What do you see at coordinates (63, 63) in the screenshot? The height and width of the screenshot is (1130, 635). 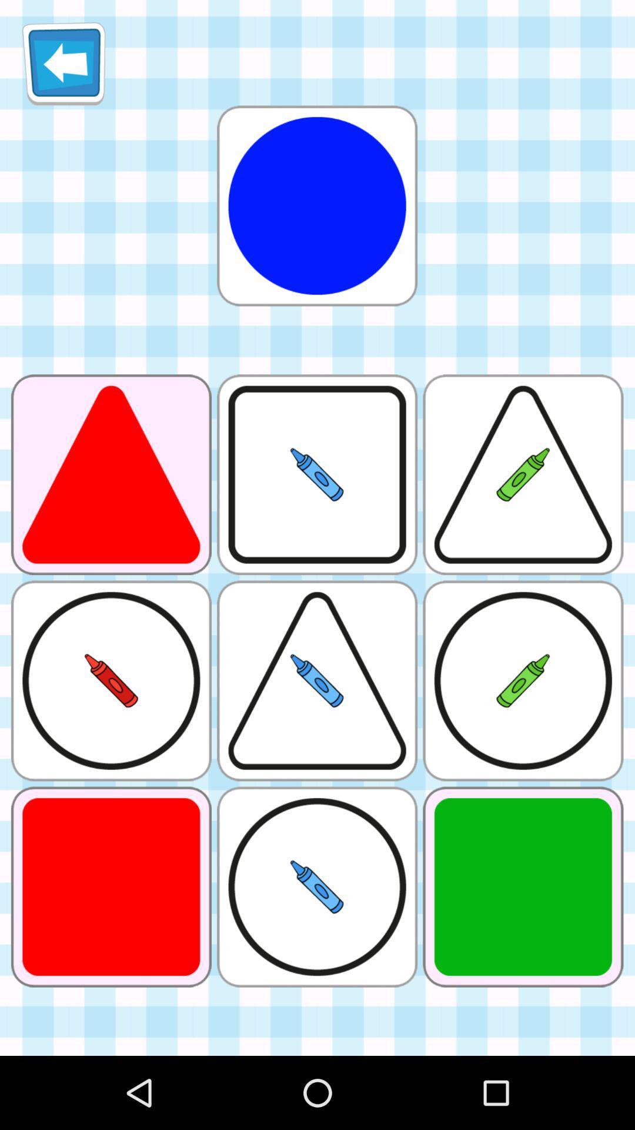 I see `go back` at bounding box center [63, 63].